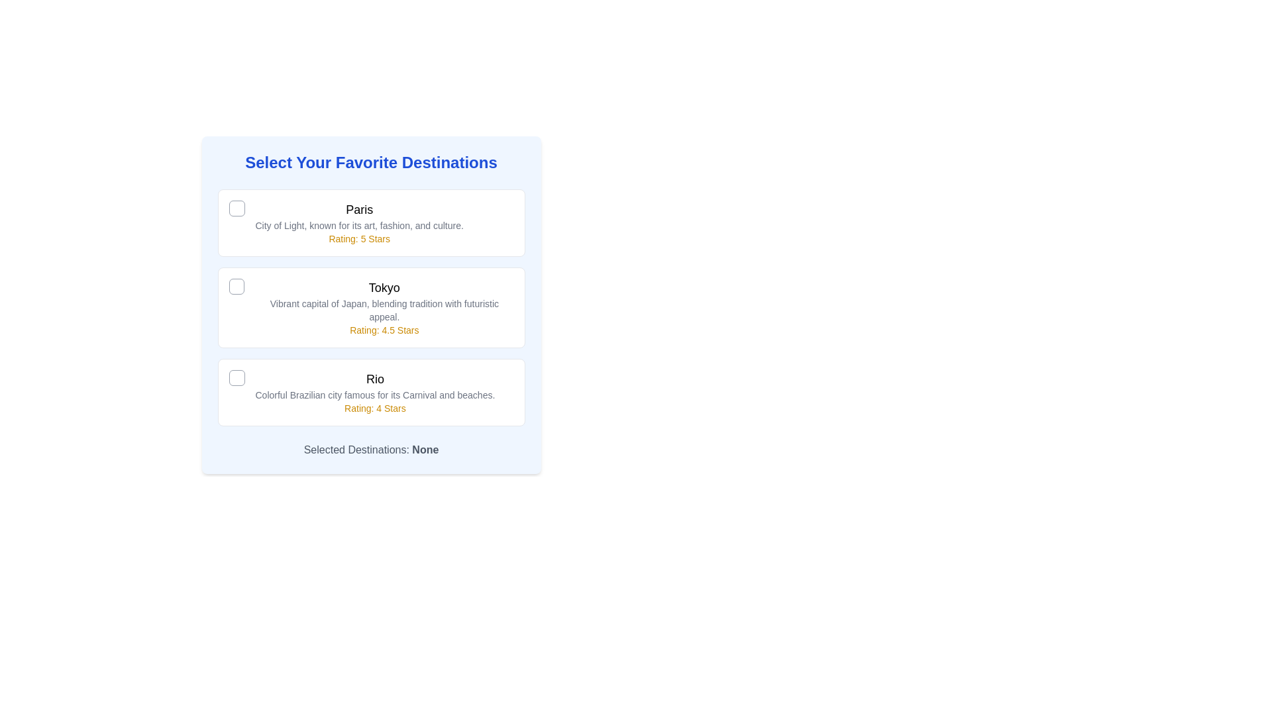 This screenshot has height=715, width=1272. Describe the element at coordinates (384, 308) in the screenshot. I see `the Informational content block for Tokyo, which provides details about the city` at that location.